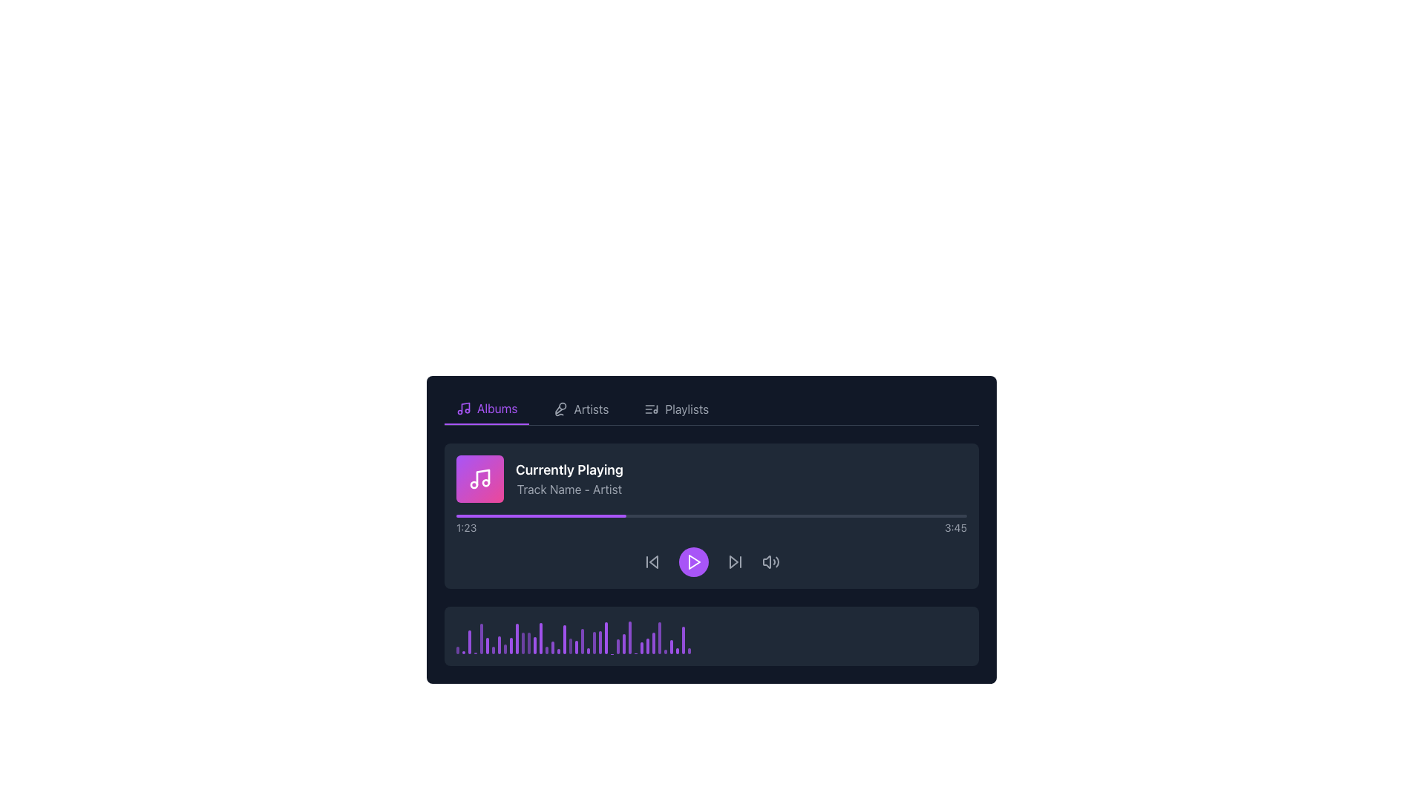  I want to click on the progress bar located below the currently playing track information, so click(711, 515).